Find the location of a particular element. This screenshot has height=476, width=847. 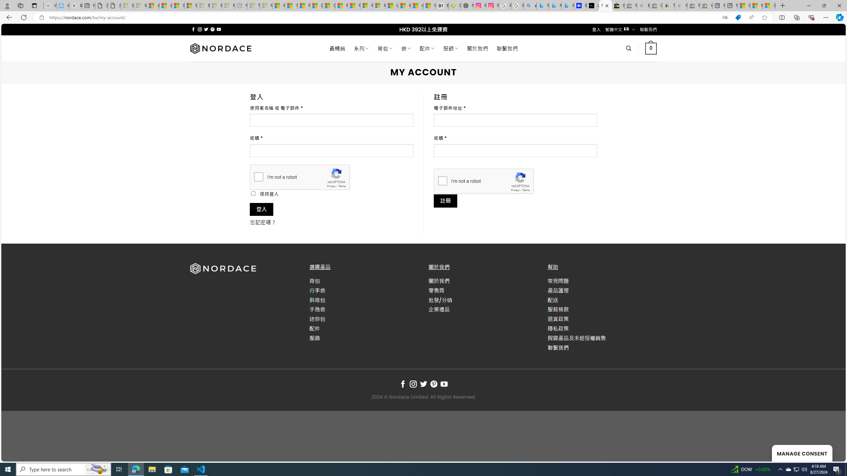

'Threats and offensive language policy | eBay' is located at coordinates (669, 5).